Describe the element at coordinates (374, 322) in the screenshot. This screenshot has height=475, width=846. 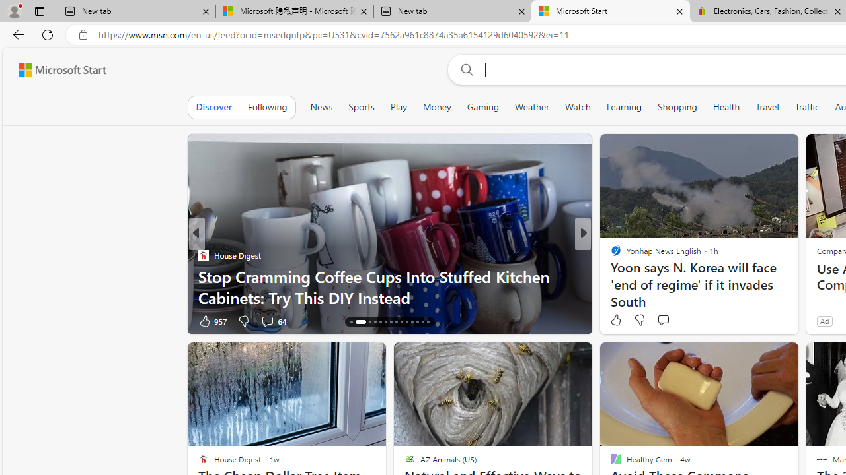
I see `'AutomationID: tab-18'` at that location.